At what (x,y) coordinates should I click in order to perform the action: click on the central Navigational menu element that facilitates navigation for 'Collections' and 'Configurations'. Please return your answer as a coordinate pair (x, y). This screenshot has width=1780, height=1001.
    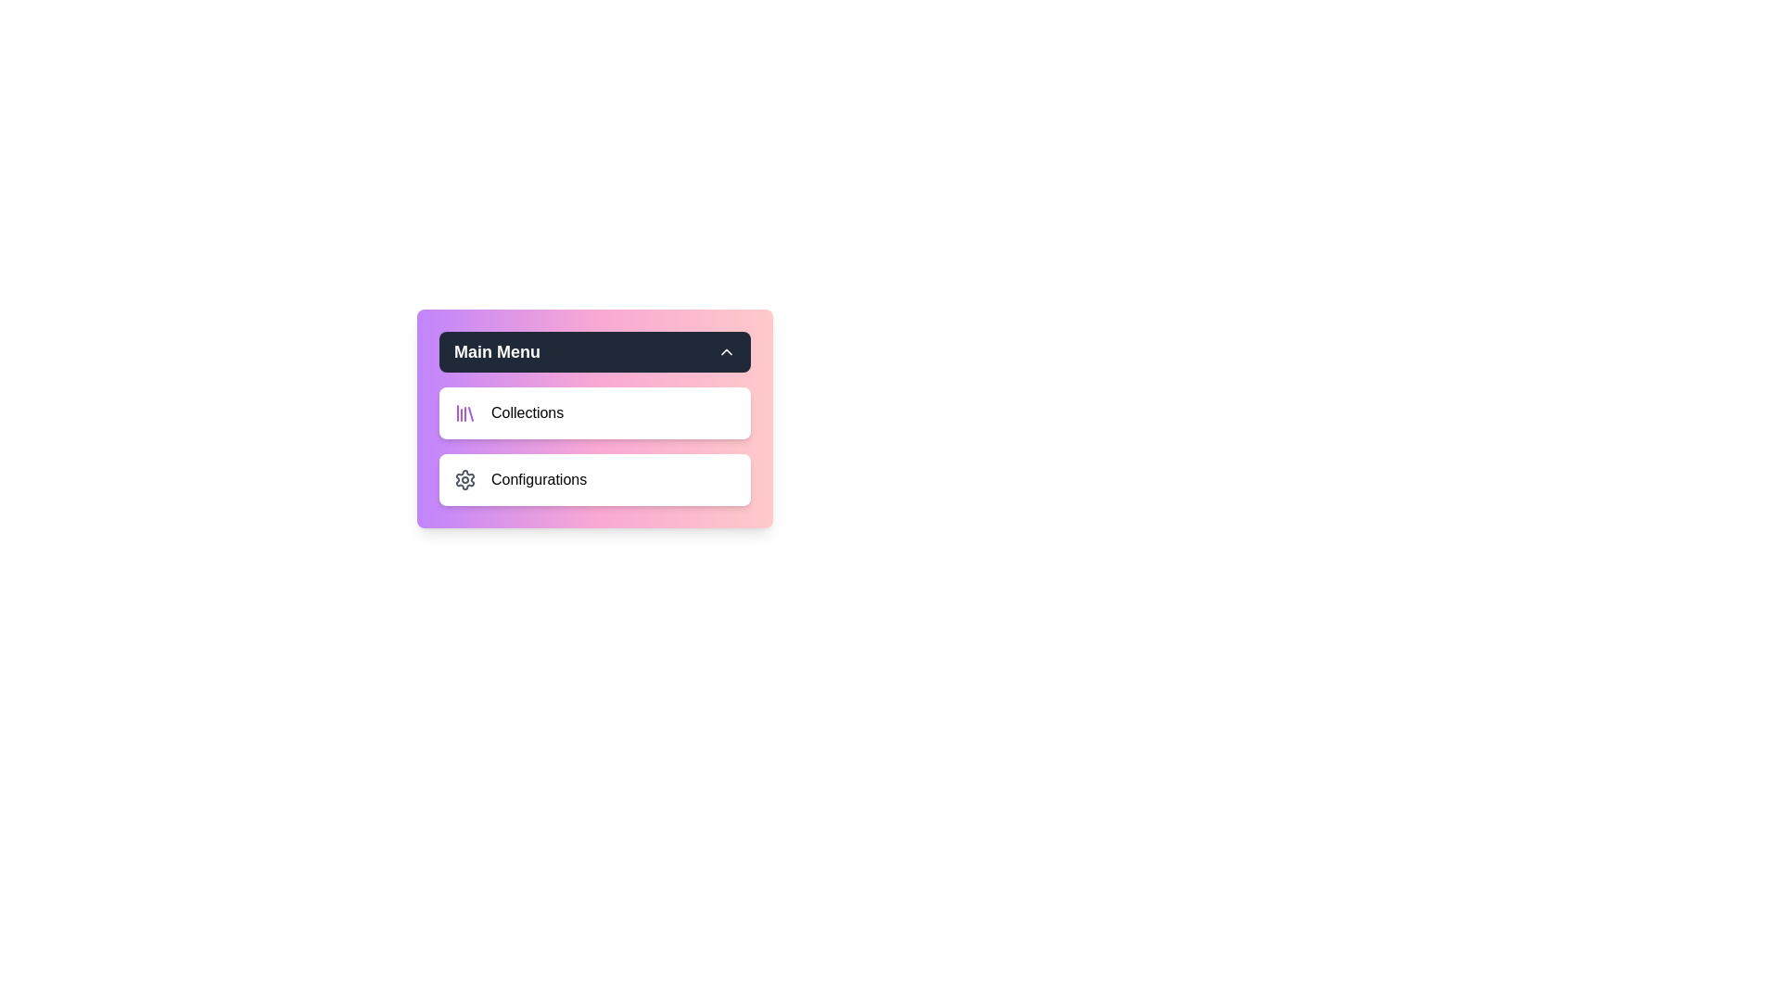
    Looking at the image, I should click on (595, 418).